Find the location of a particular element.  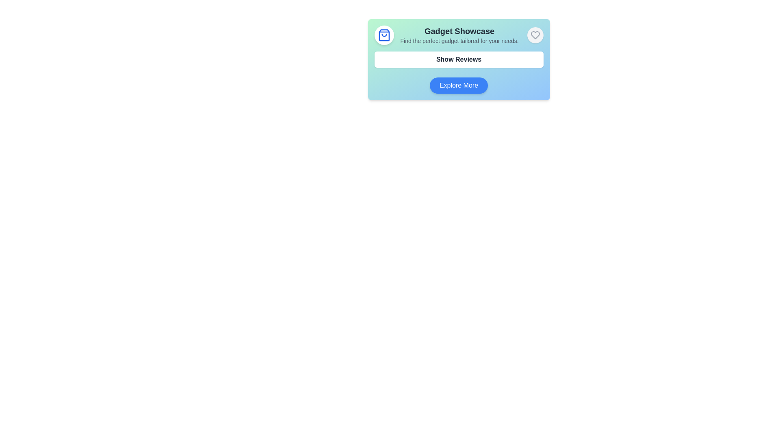

the decorative shopping icon located at the top-left corner of the 'Gadget Showcase' card is located at coordinates (383, 35).